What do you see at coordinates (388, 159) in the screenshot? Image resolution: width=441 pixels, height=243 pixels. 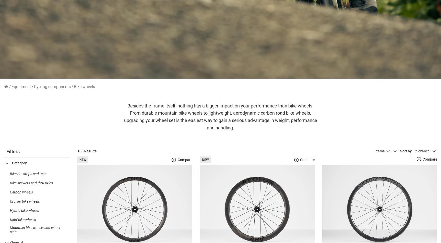 I see `'24'` at bounding box center [388, 159].